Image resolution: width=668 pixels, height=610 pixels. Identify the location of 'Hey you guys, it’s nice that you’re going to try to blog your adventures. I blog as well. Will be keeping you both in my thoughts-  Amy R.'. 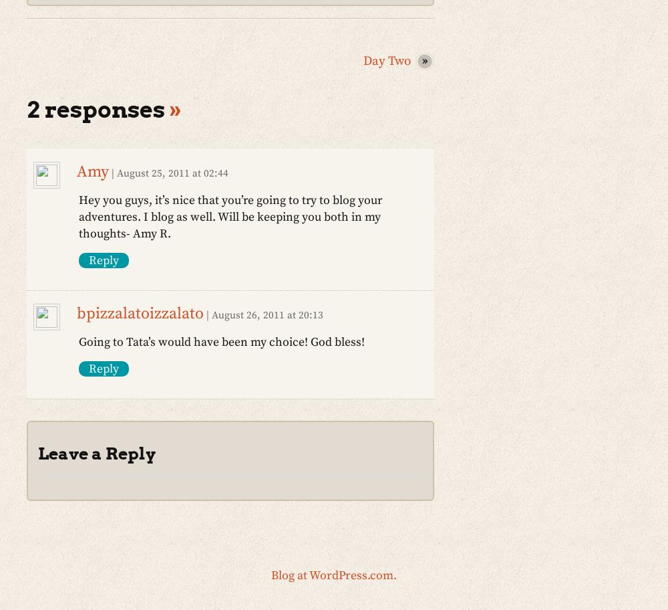
(230, 217).